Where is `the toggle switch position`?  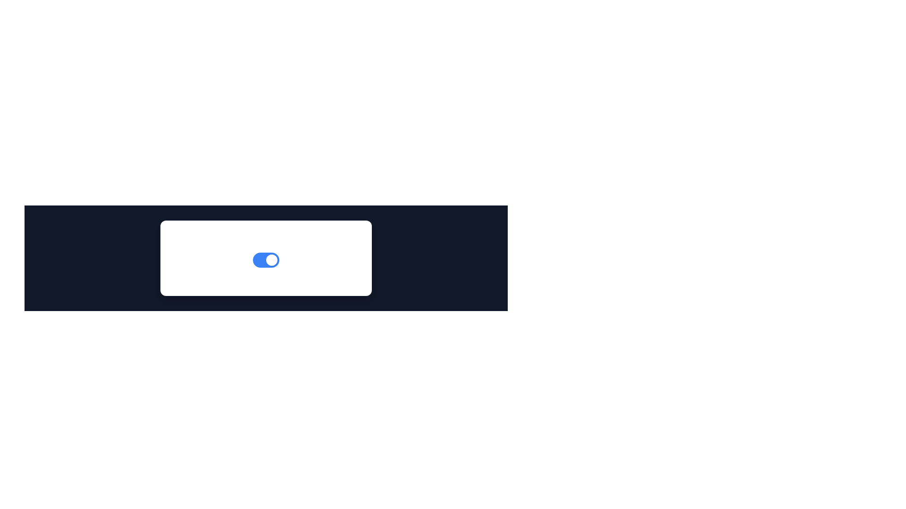
the toggle switch position is located at coordinates (272, 260).